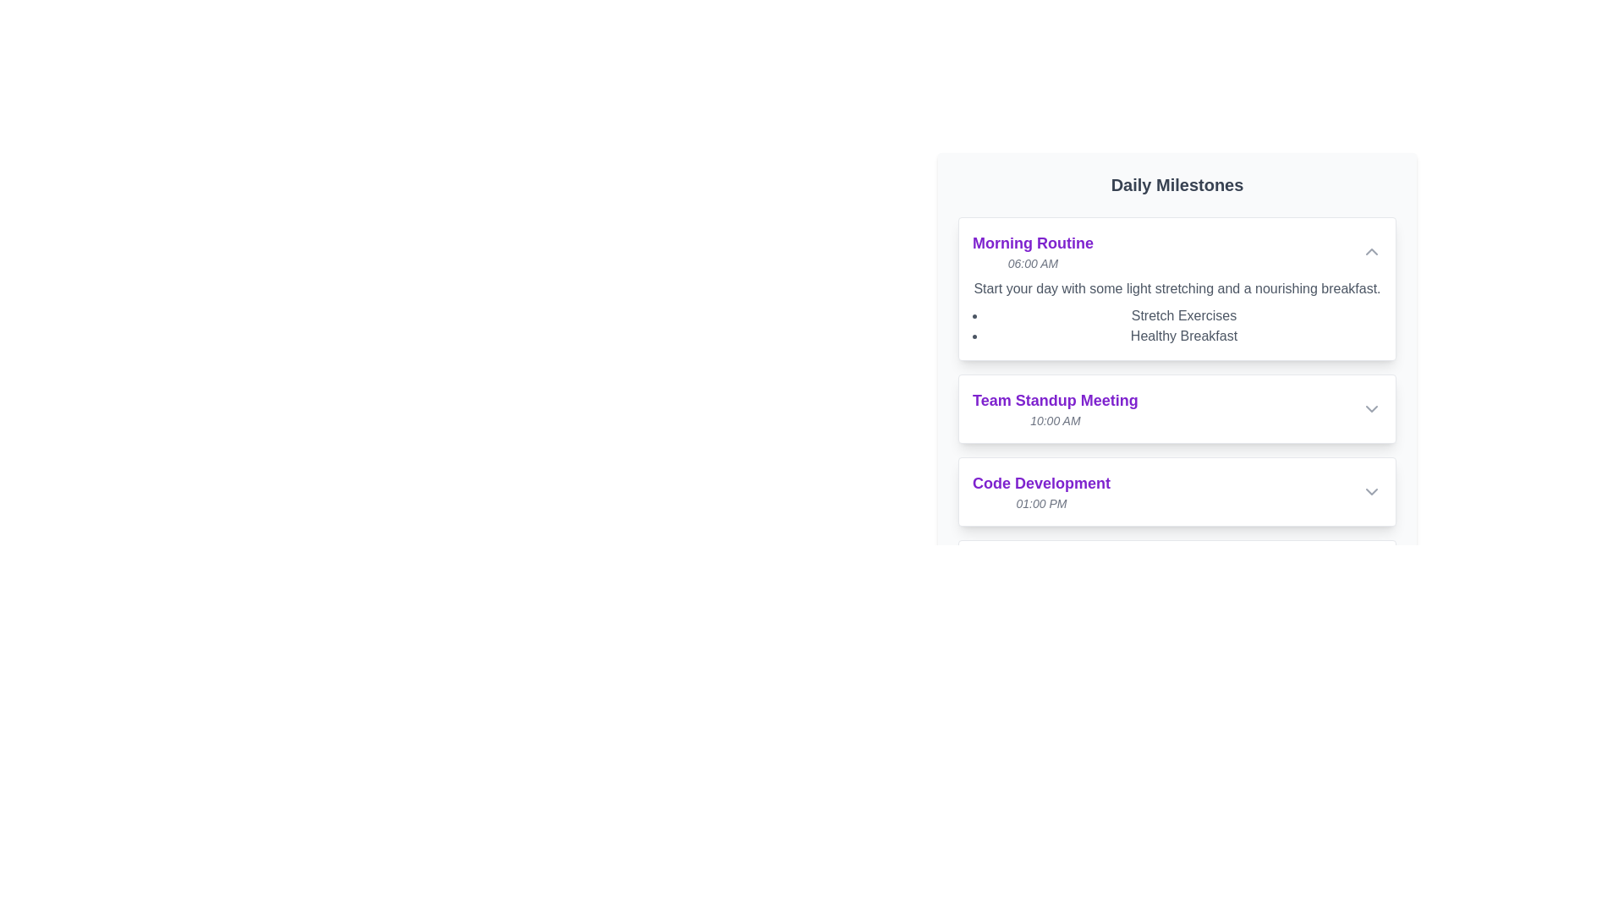  I want to click on the 'Team Standup Meeting' event card, so click(1177, 413).